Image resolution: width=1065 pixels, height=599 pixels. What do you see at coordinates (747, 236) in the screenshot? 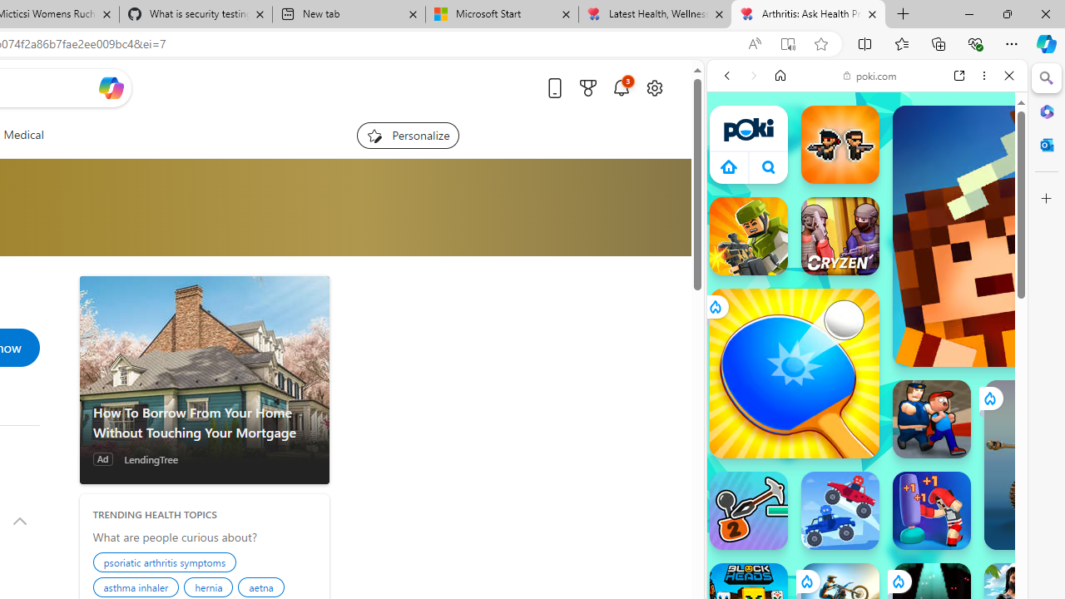
I see `'Kour.io Kour.io'` at bounding box center [747, 236].